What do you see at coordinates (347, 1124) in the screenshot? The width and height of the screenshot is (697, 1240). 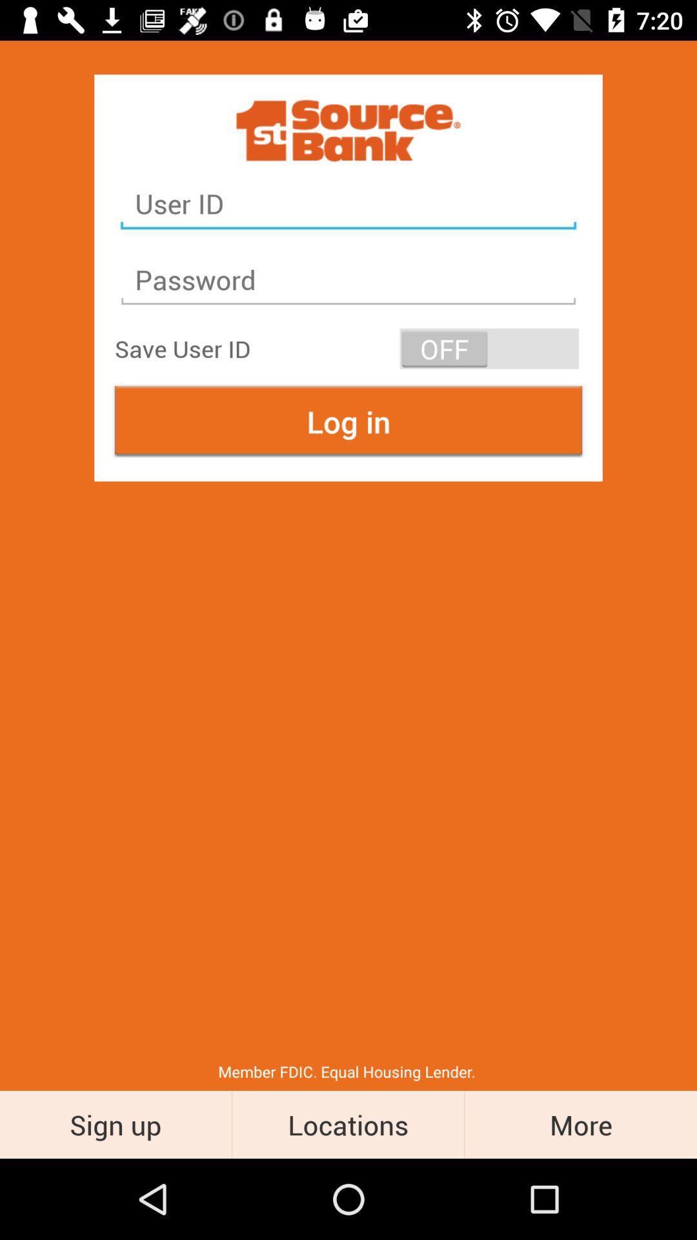 I see `item below member fdic equal icon` at bounding box center [347, 1124].